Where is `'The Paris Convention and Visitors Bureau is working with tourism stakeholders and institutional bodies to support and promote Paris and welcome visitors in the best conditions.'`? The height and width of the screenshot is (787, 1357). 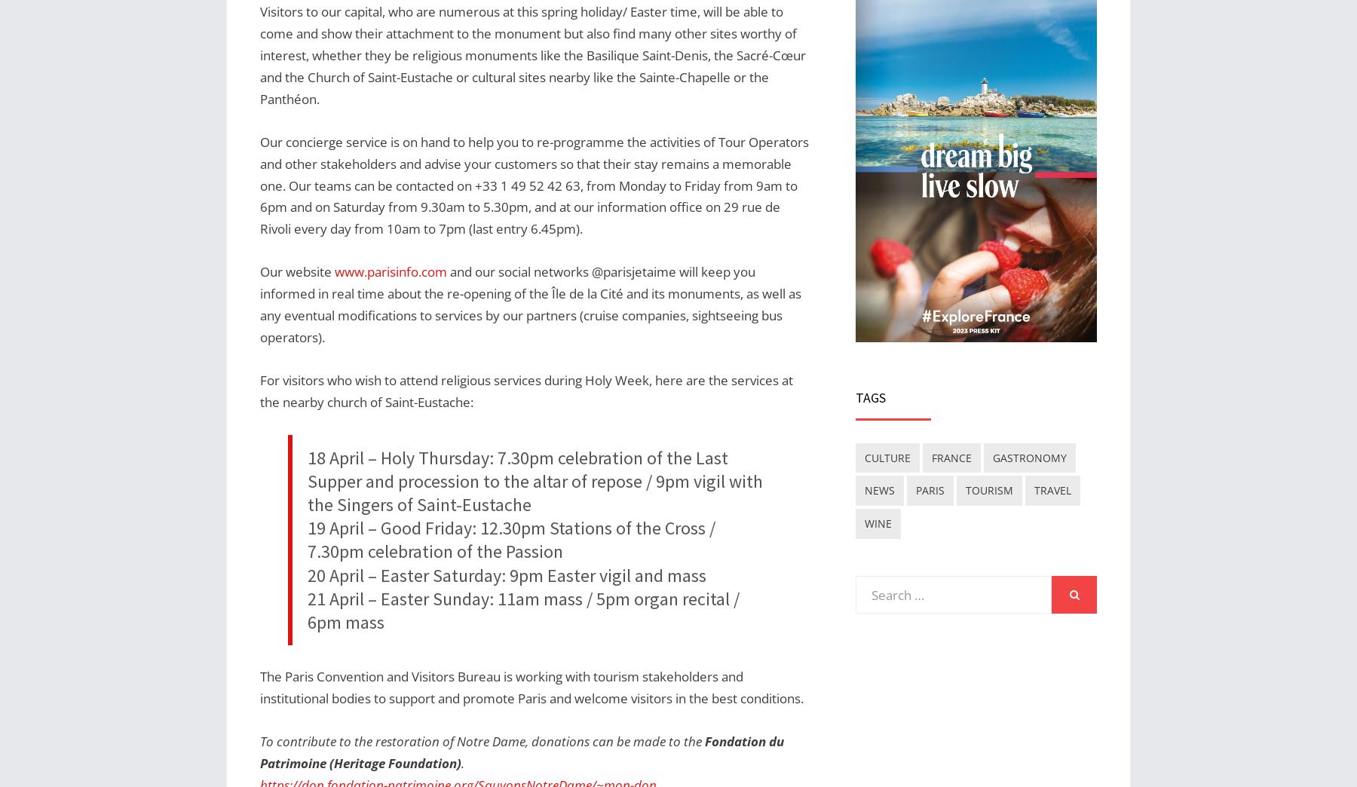
'The Paris Convention and Visitors Bureau is working with tourism stakeholders and institutional bodies to support and promote Paris and welcome visitors in the best conditions.' is located at coordinates (531, 687).